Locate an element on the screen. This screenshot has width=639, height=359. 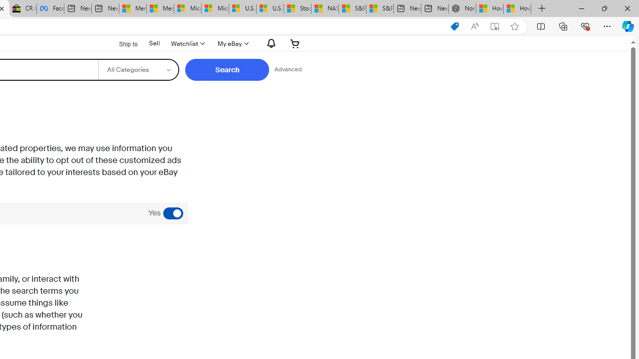
'WatchlistExpand Watch List' is located at coordinates (187, 43).